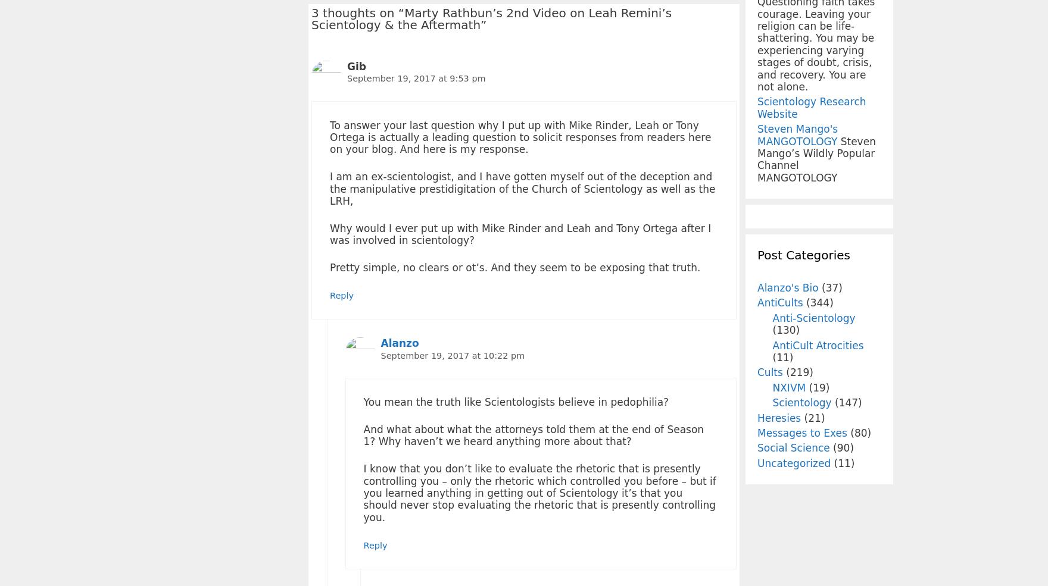 The height and width of the screenshot is (586, 1048). Describe the element at coordinates (380, 355) in the screenshot. I see `'September 19, 2017 at 10:22 pm'` at that location.